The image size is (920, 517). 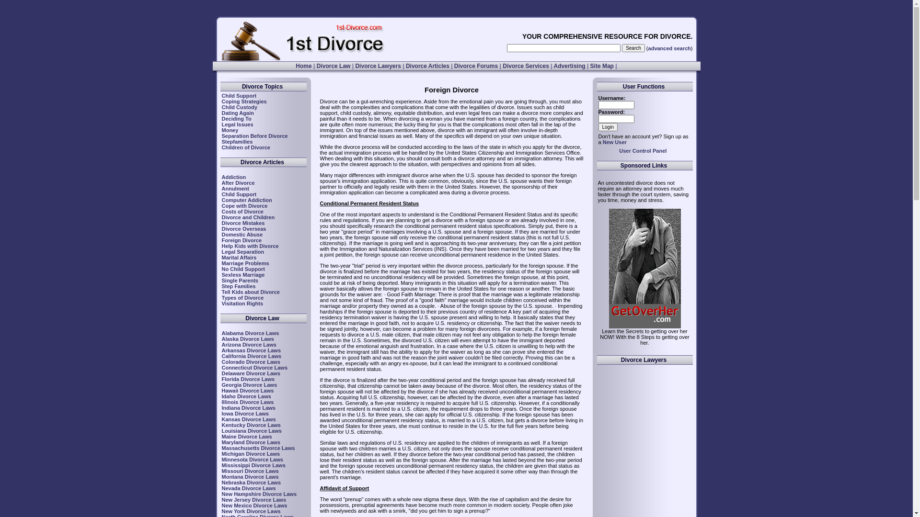 I want to click on 'Divorce and Children', so click(x=220, y=217).